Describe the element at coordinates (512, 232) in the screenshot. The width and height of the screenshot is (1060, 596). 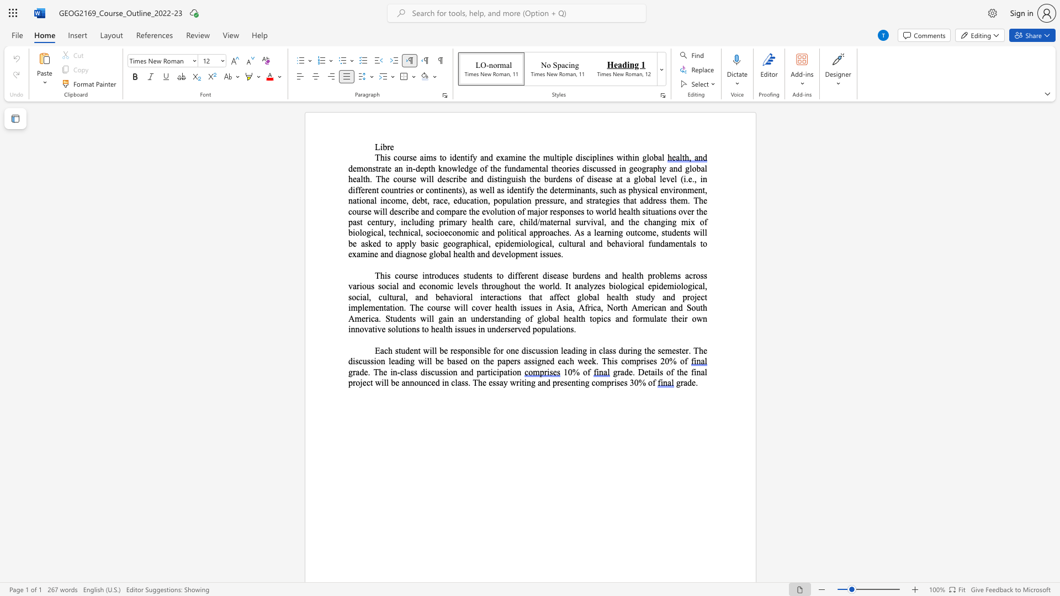
I see `the 1th character "t" in the text` at that location.